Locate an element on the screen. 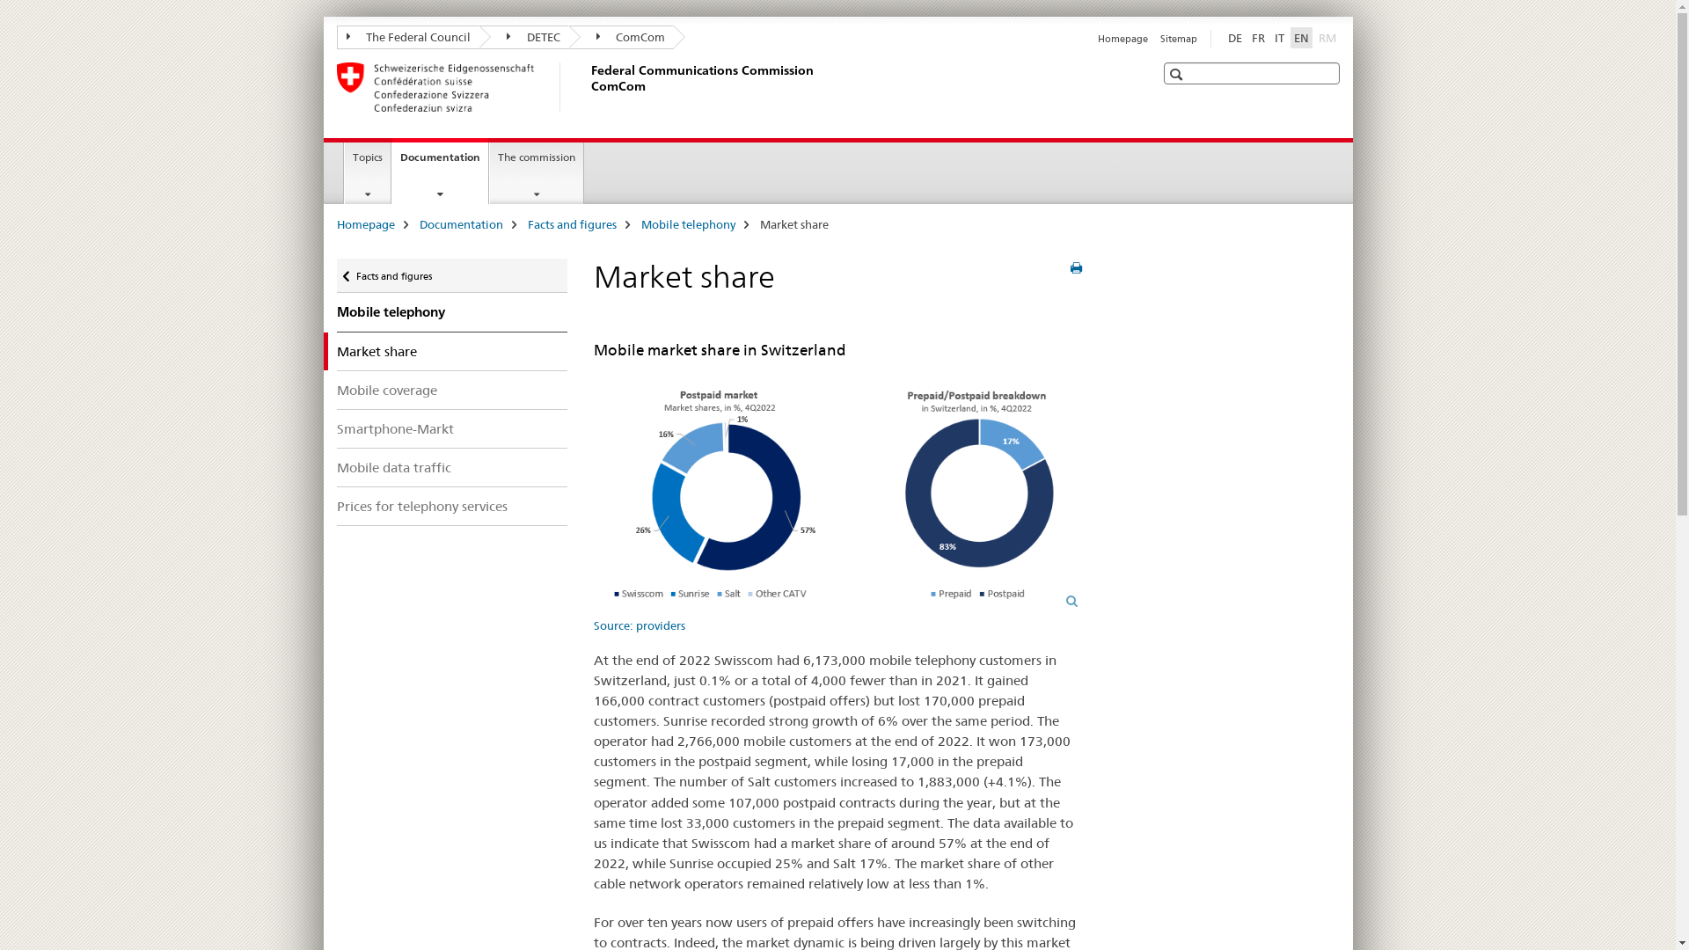 Image resolution: width=1689 pixels, height=950 pixels. 'DE' is located at coordinates (1233, 37).